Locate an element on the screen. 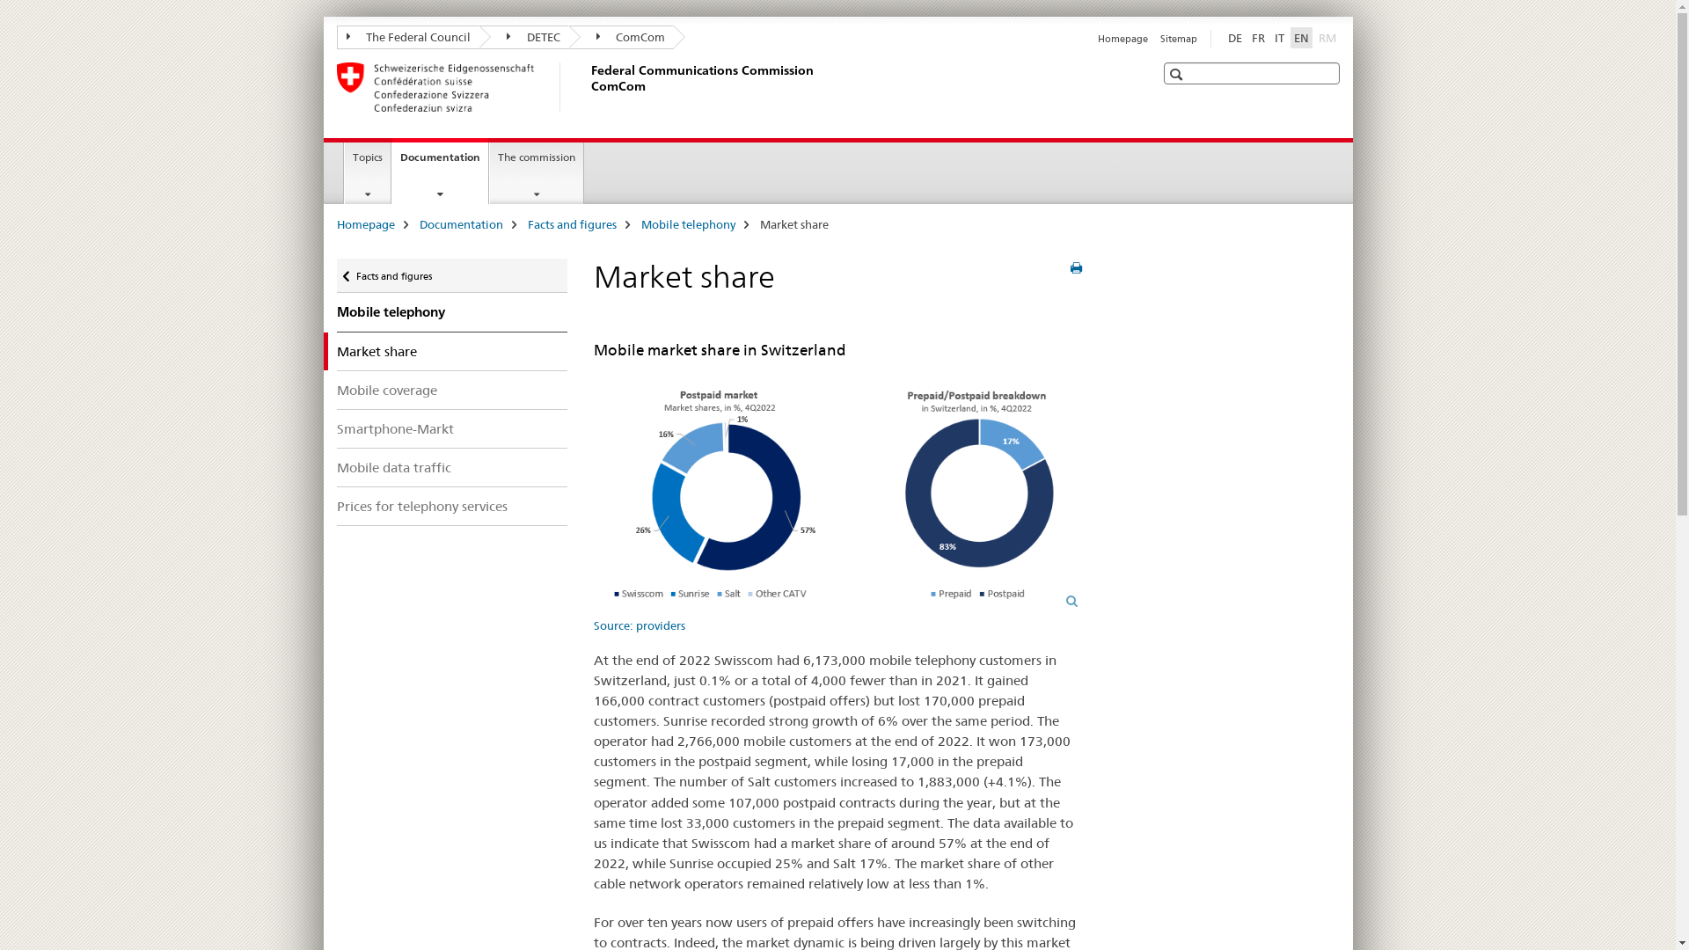 Image resolution: width=1689 pixels, height=950 pixels. 'DE' is located at coordinates (1233, 37).